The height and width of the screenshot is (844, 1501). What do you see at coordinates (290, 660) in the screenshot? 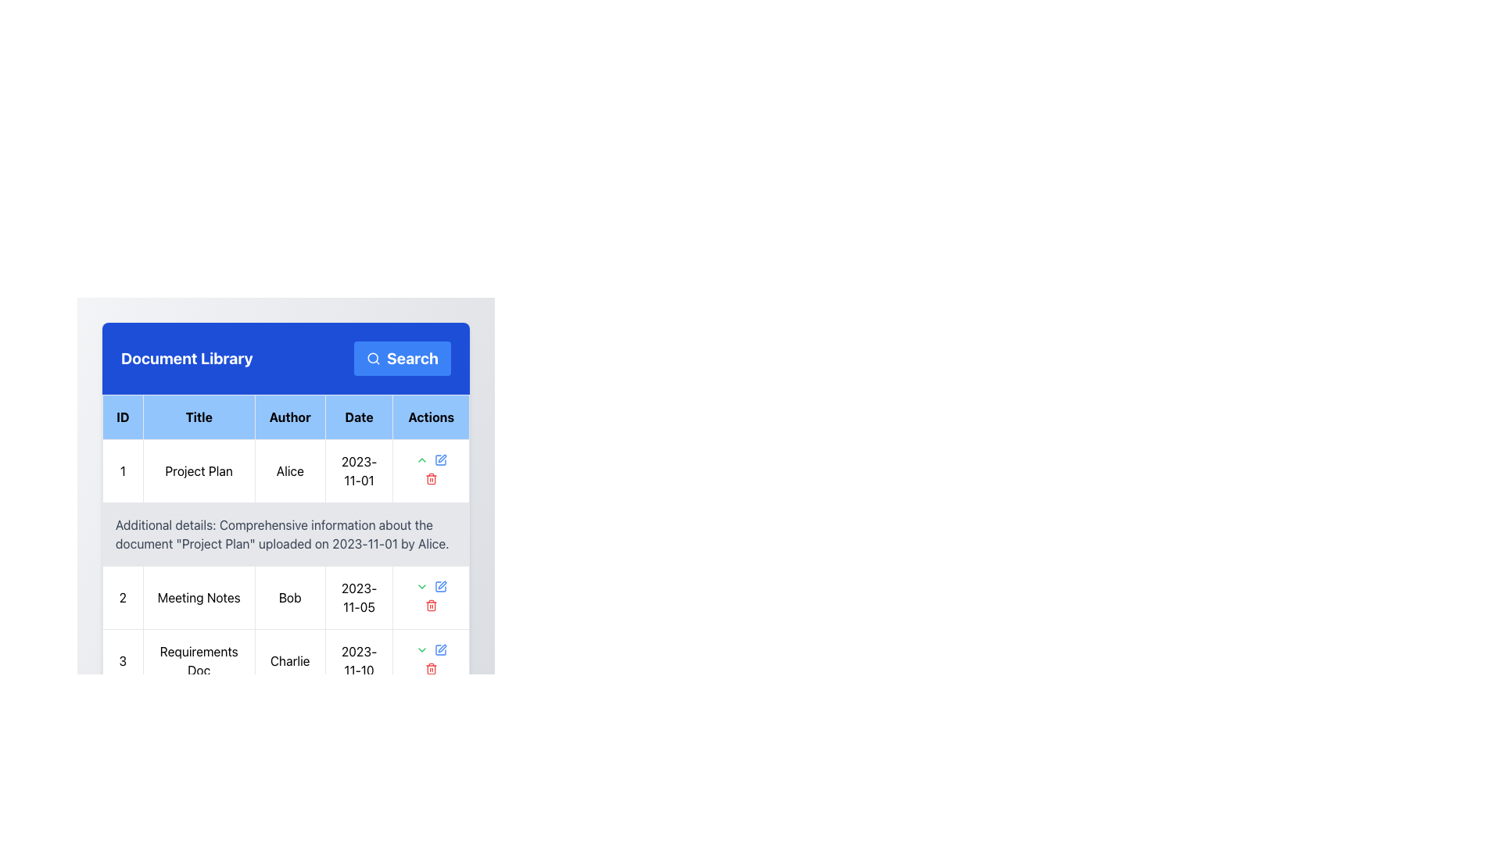
I see `the 'Charlie' text element in the Author column of the table, which is styled with a light border and padding, located in the third row` at bounding box center [290, 660].